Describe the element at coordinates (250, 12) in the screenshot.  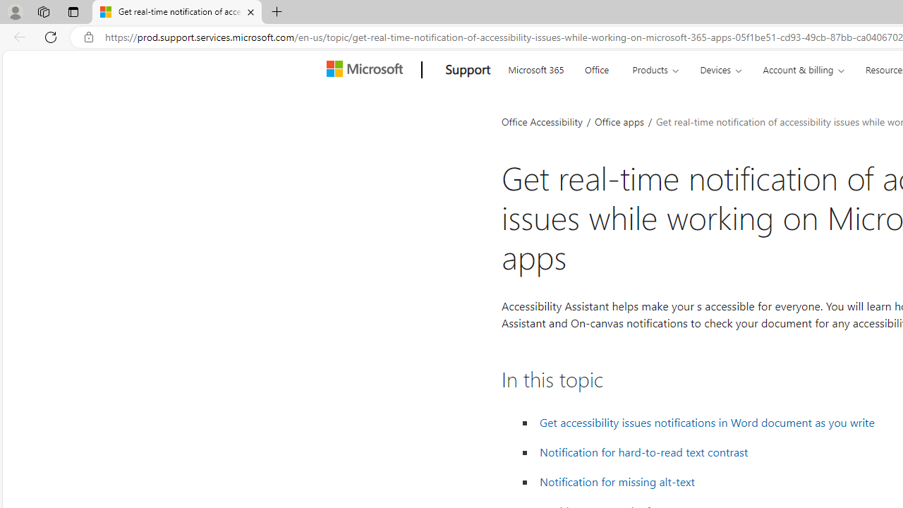
I see `'Close tab'` at that location.